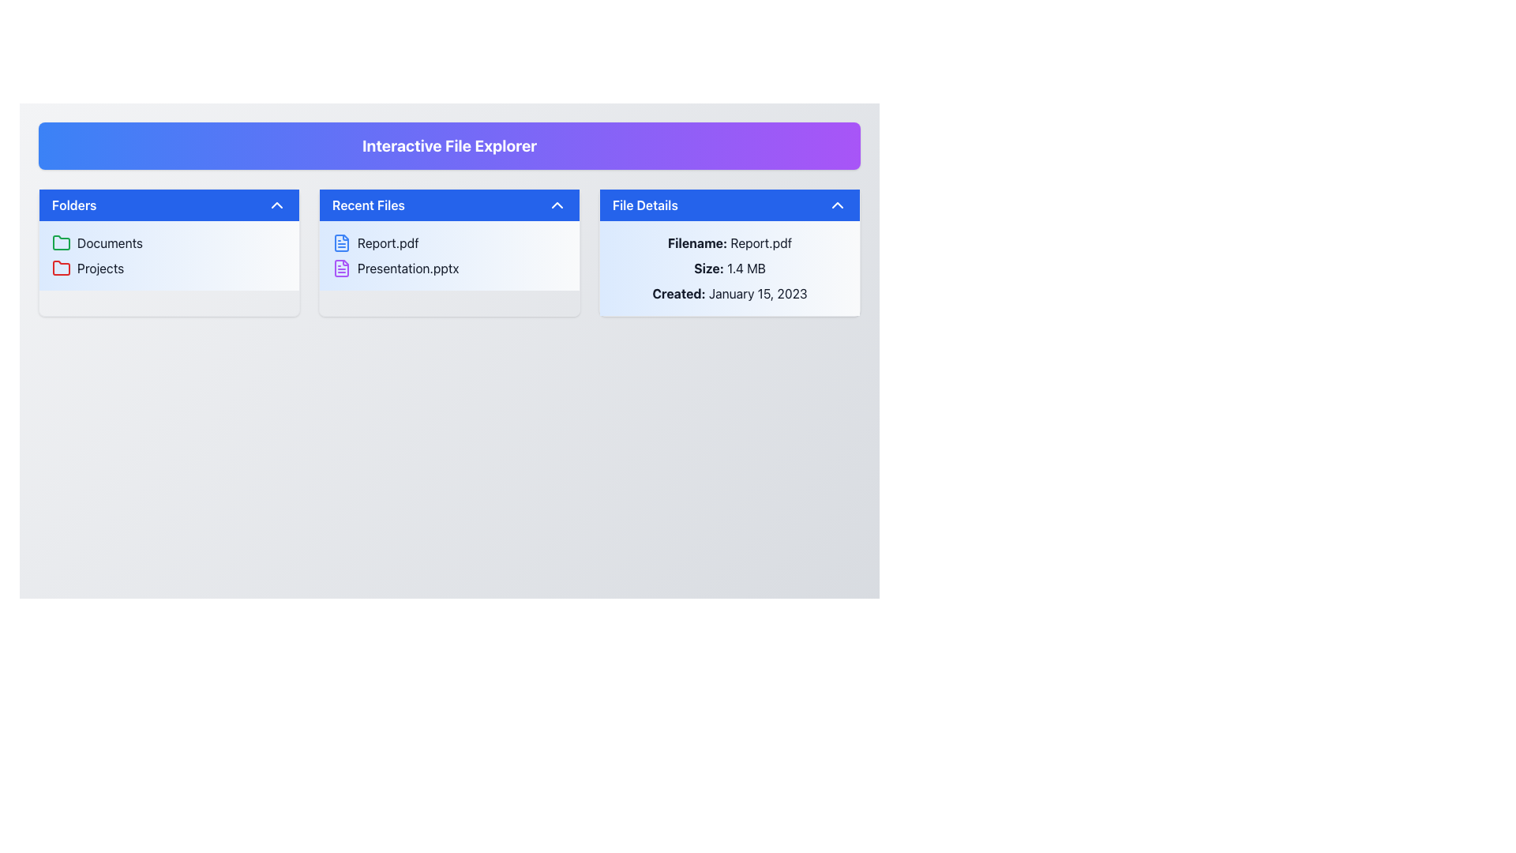  What do you see at coordinates (340, 243) in the screenshot?
I see `the blue document icon located to the left of the text 'Report.pdf' in the 'Recent Files' panel` at bounding box center [340, 243].